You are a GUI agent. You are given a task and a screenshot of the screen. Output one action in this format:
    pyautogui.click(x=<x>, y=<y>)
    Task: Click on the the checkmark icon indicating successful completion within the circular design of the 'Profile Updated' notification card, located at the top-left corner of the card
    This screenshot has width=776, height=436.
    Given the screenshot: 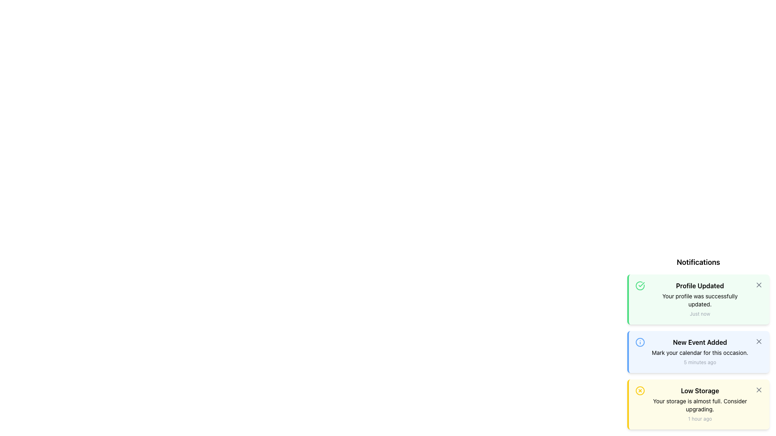 What is the action you would take?
    pyautogui.click(x=641, y=284)
    